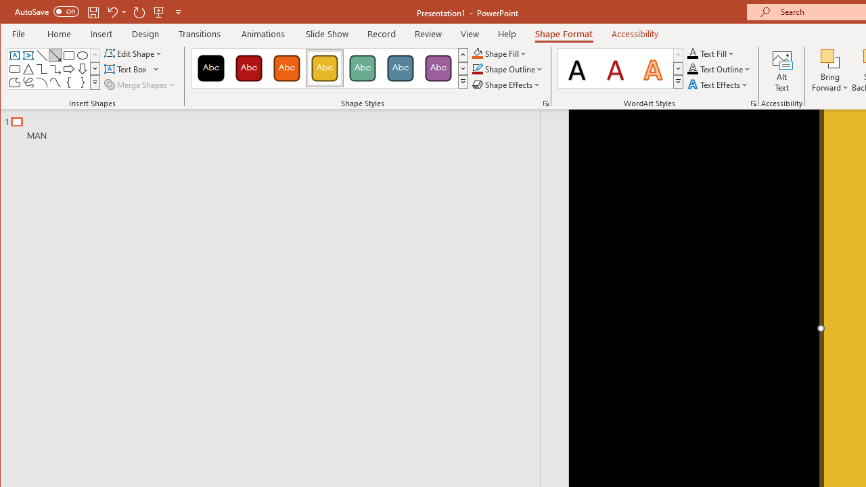 The image size is (866, 487). I want to click on 'Text Effects', so click(718, 85).